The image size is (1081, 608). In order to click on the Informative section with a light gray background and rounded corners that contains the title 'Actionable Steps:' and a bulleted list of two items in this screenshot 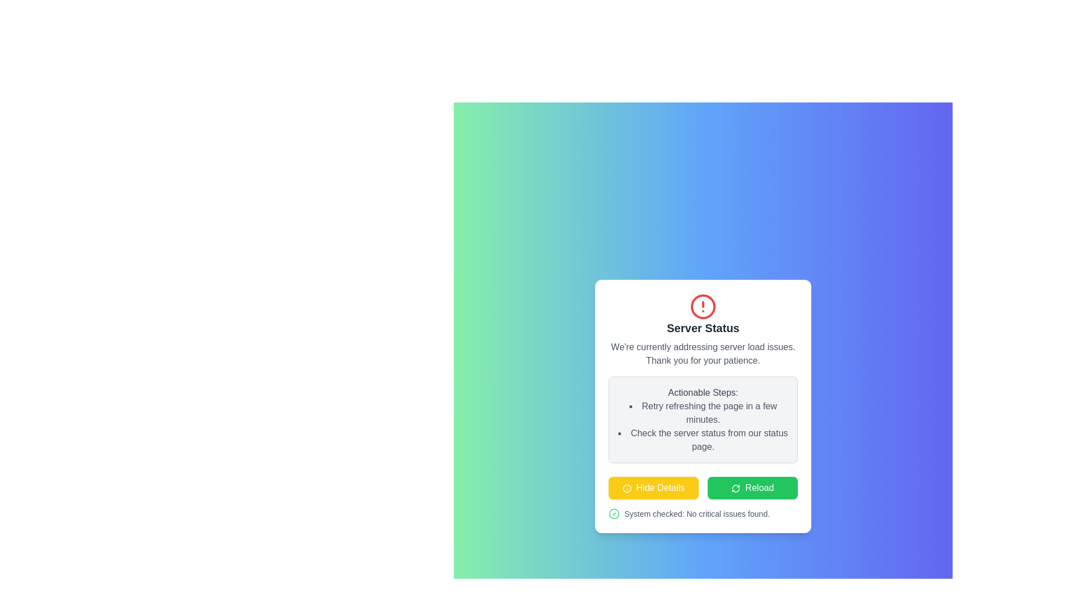, I will do `click(702, 419)`.